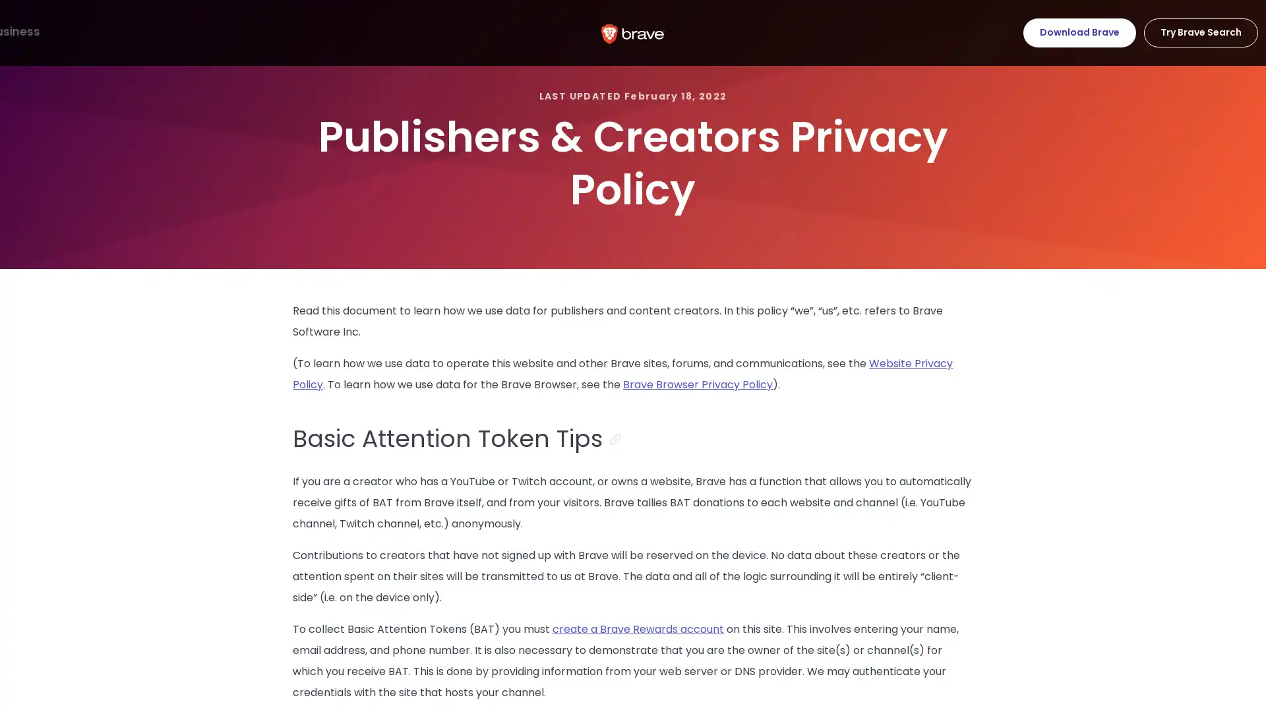  Describe the element at coordinates (39, 32) in the screenshot. I see `Browser` at that location.